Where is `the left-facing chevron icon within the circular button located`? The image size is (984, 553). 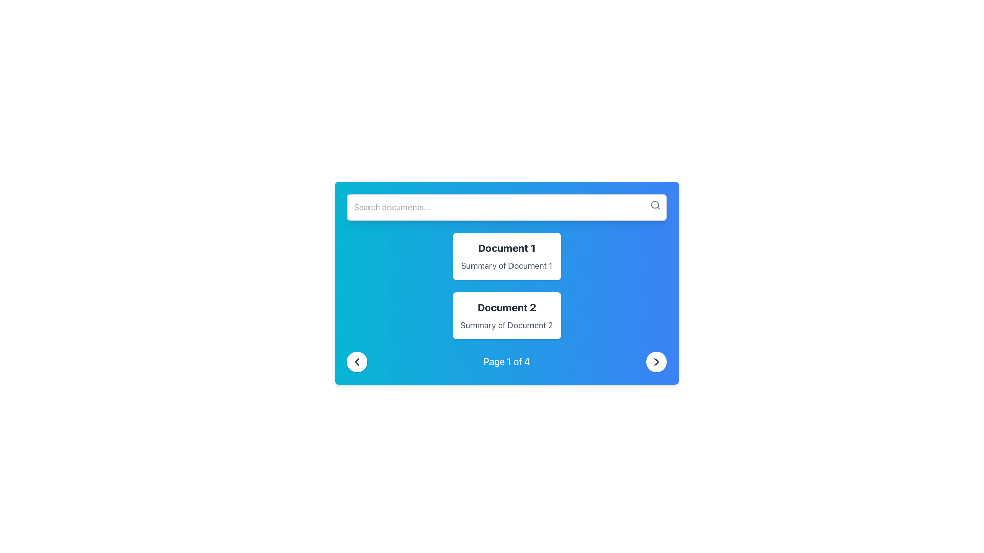
the left-facing chevron icon within the circular button located is located at coordinates (357, 361).